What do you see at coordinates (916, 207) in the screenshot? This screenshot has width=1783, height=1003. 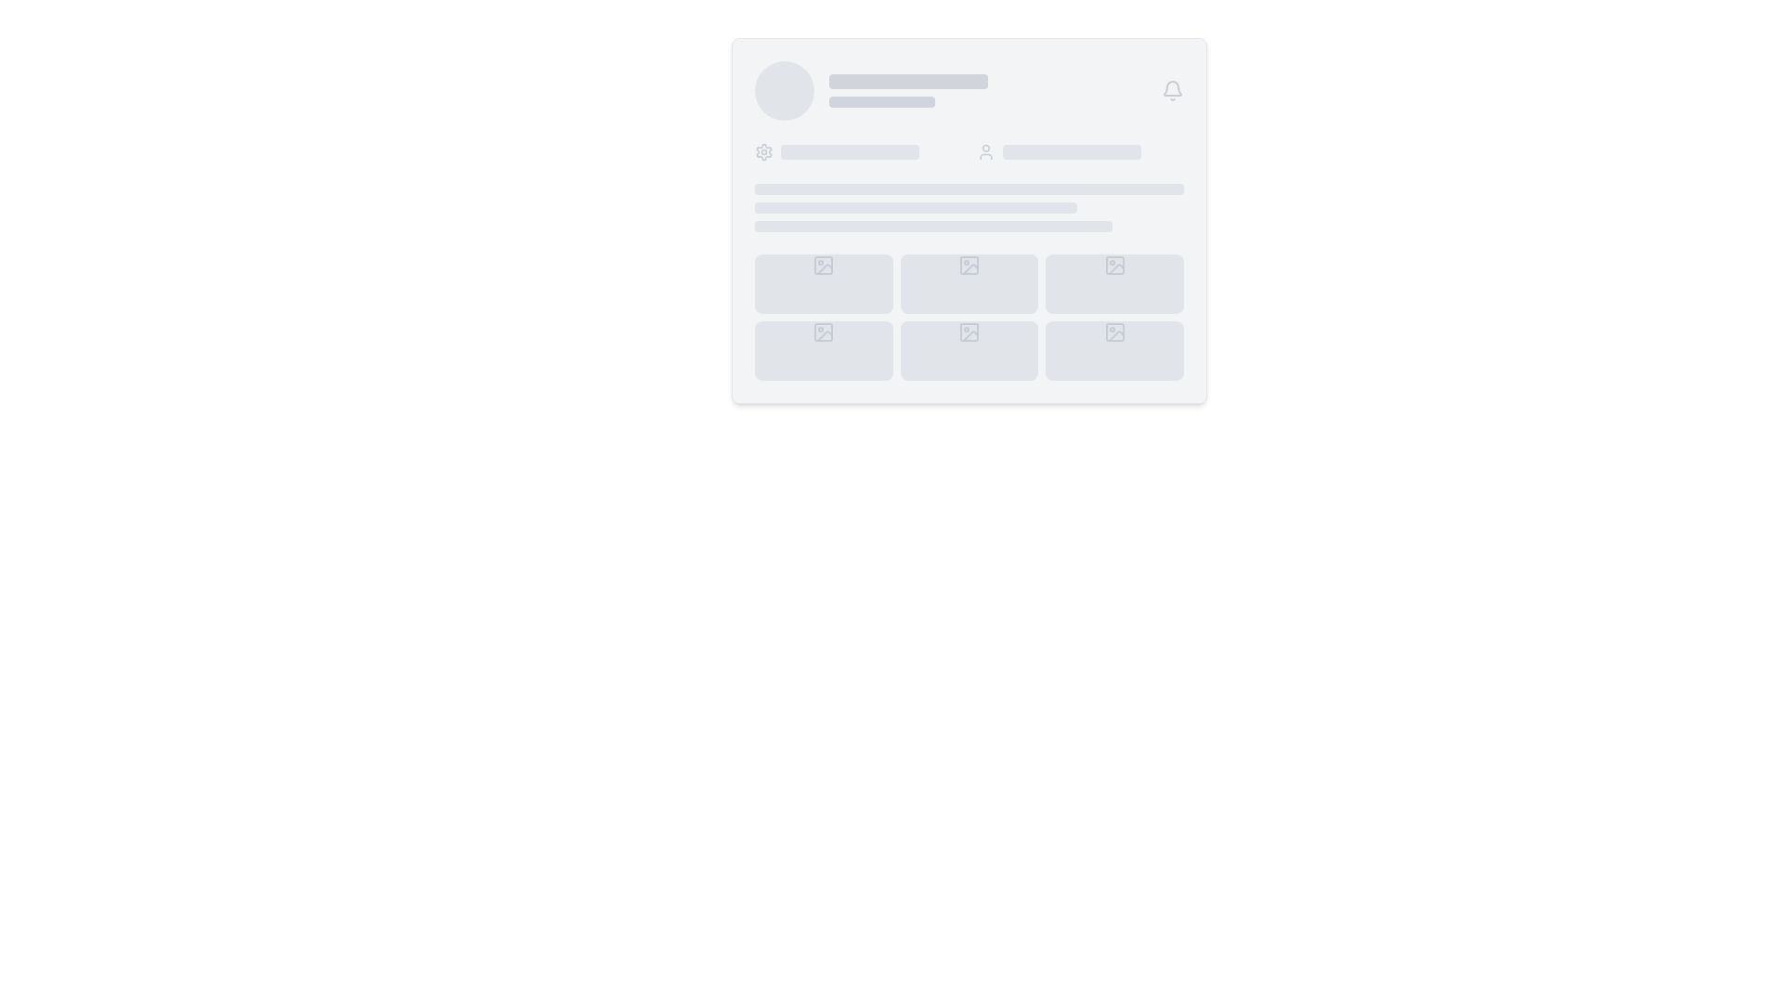 I see `the Loading placeholder bar, which is the second horizontal bar styled with a light gray color, located in the middle of three similar bars` at bounding box center [916, 207].